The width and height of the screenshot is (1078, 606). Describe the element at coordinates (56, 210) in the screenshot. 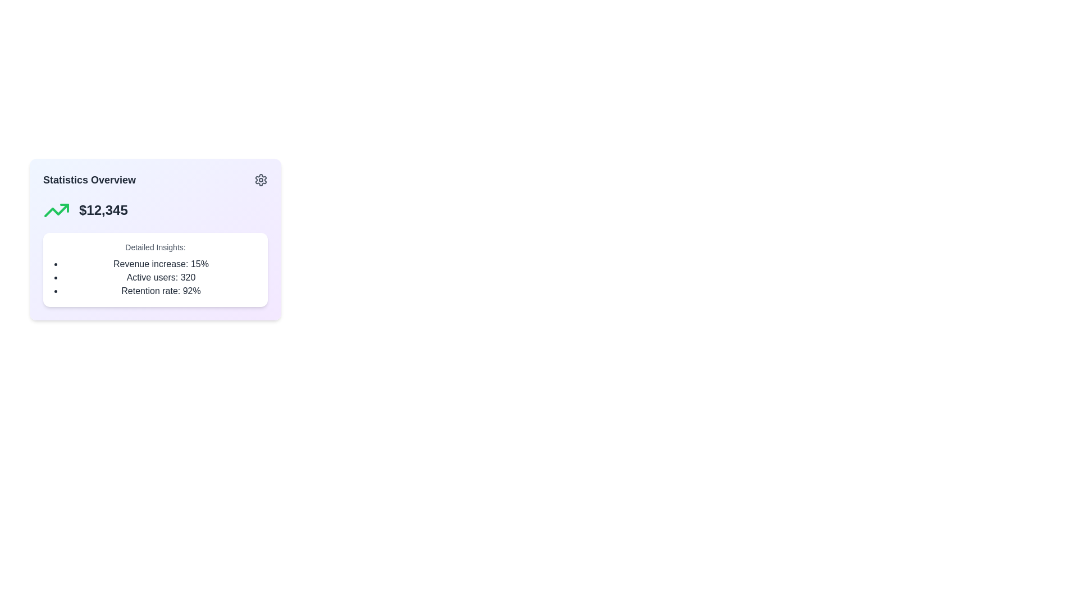

I see `the green arrow icon located to the left of the text '$12,345' in the 'Statistics Overview' dashboard for interaction` at that location.